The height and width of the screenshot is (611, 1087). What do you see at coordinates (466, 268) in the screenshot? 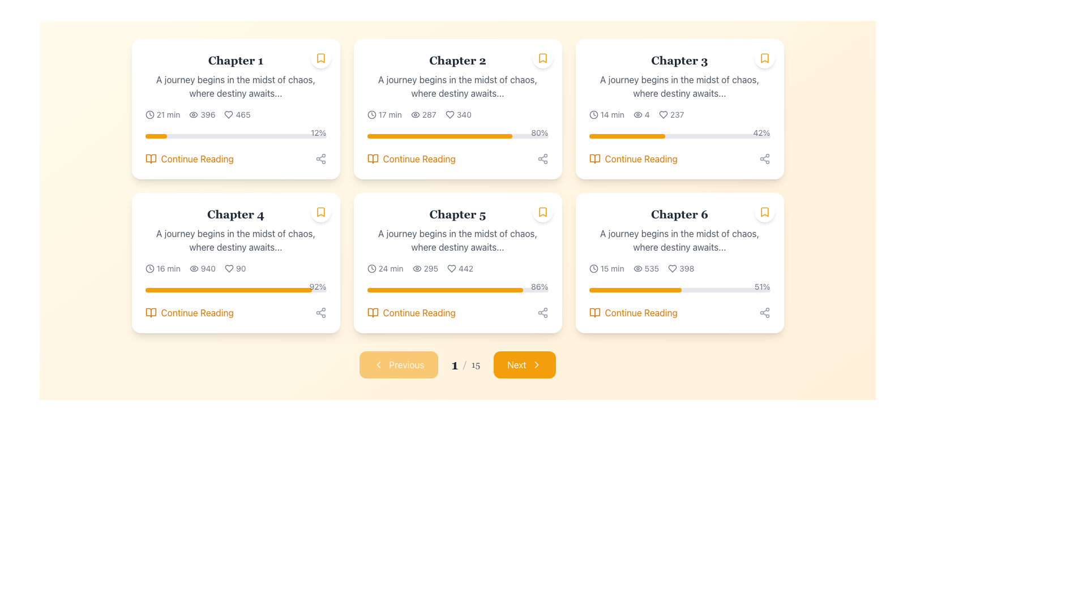
I see `the numerical count display that shows the count of likes or favorites, located on the second row within the fifth card from the left, immediately to the right of the heart-shaped icon` at bounding box center [466, 268].